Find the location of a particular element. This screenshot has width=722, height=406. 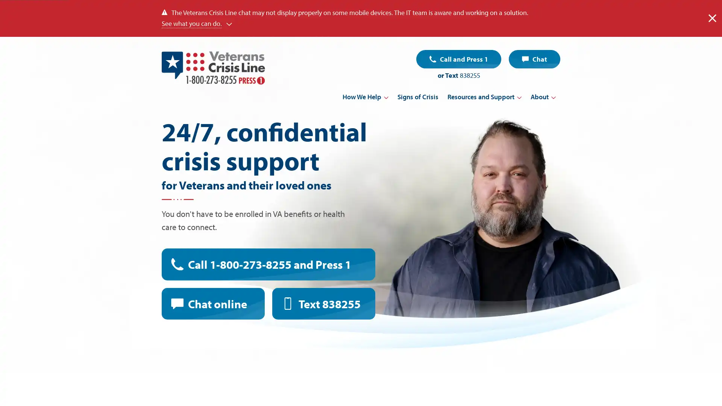

Close Banner is located at coordinates (712, 18).